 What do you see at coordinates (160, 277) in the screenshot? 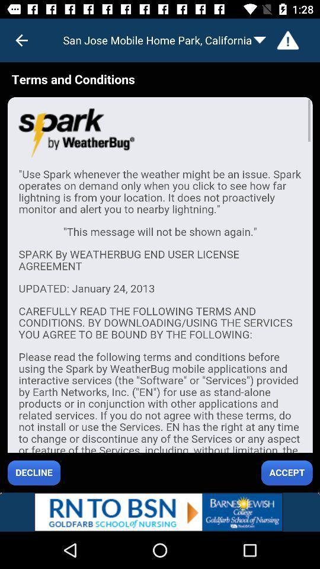
I see `the terms are very good` at bounding box center [160, 277].